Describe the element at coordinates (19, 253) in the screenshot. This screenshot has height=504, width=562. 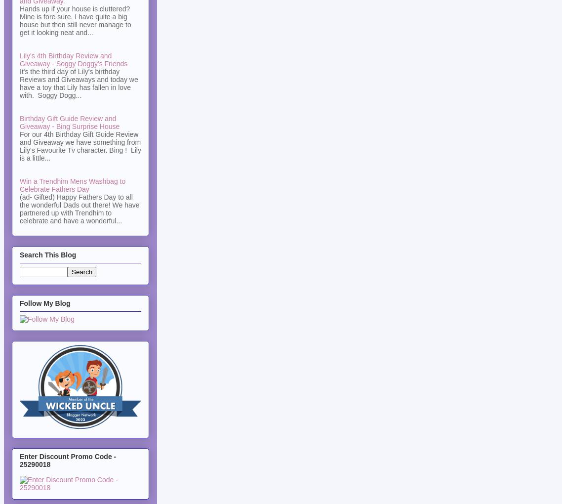
I see `'Search This Blog'` at that location.